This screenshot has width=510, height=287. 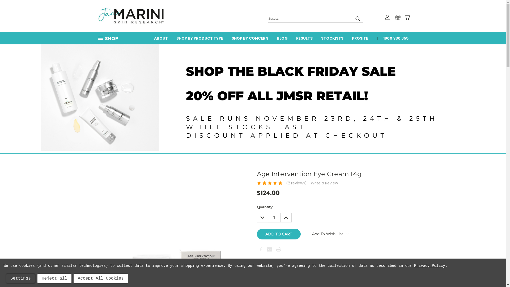 What do you see at coordinates (199, 37) in the screenshot?
I see `'SHOP BY PRODUCT TYPE'` at bounding box center [199, 37].